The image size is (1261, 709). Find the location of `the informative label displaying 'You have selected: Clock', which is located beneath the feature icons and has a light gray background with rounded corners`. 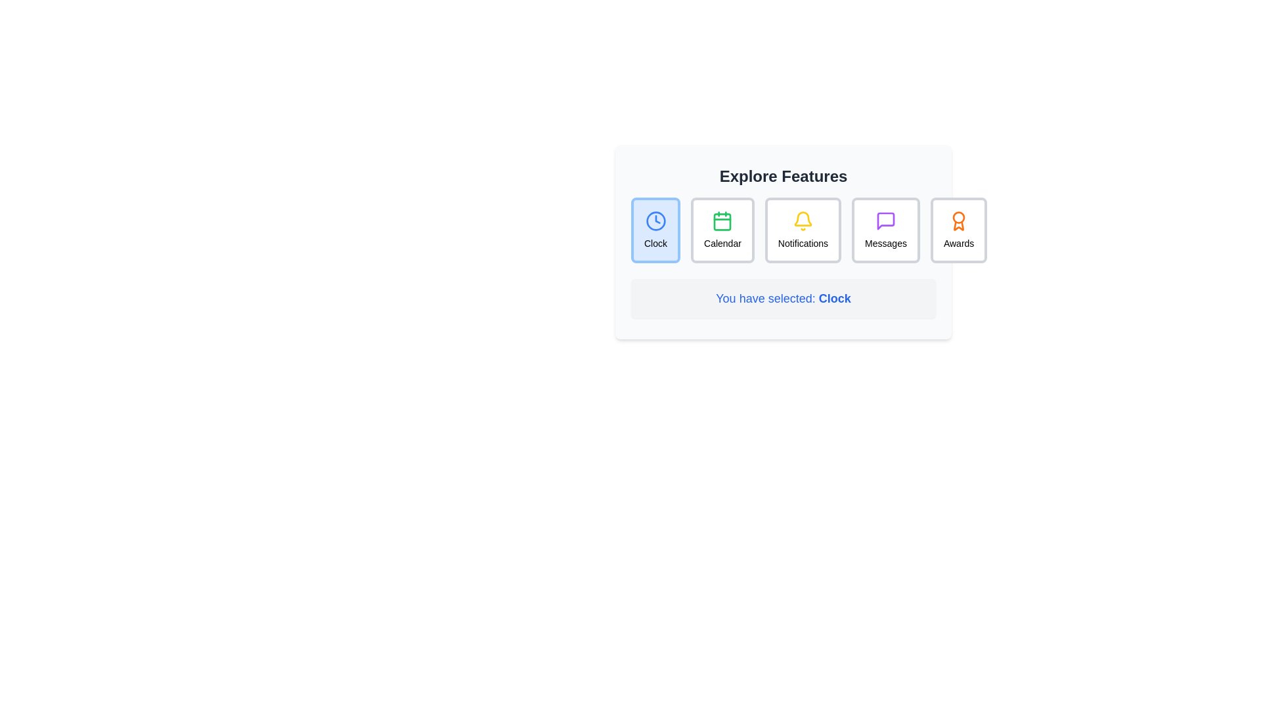

the informative label displaying 'You have selected: Clock', which is located beneath the feature icons and has a light gray background with rounded corners is located at coordinates (784, 299).